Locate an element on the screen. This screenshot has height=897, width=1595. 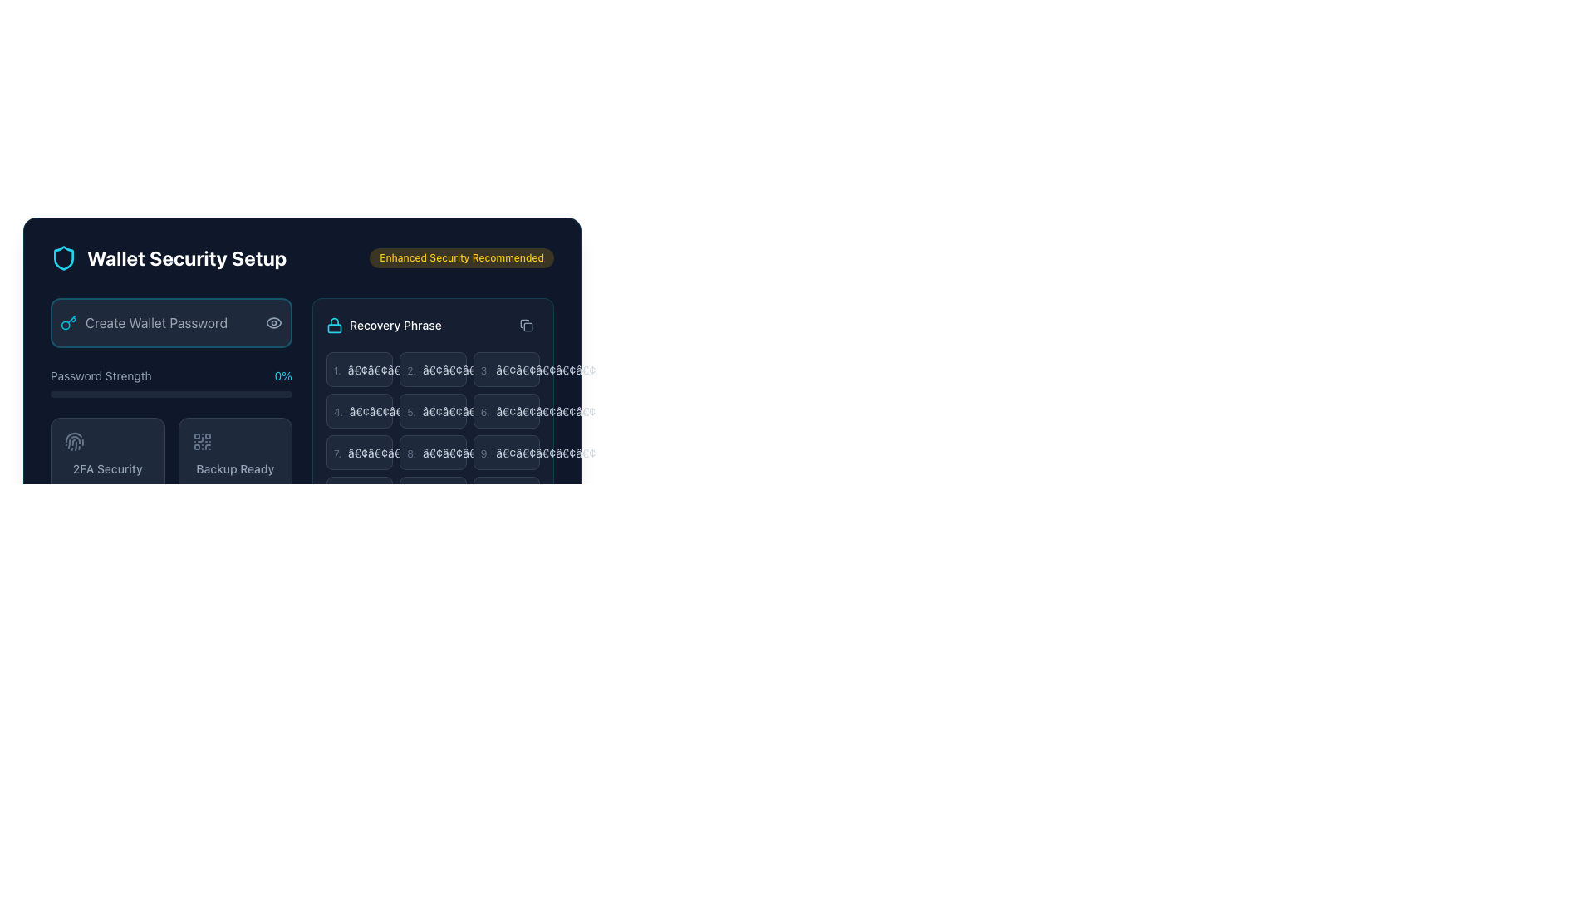
the Text Display Box that displays part of the recovery phrase, located in the third row, second column of the recovery phrase section is located at coordinates (433, 458).